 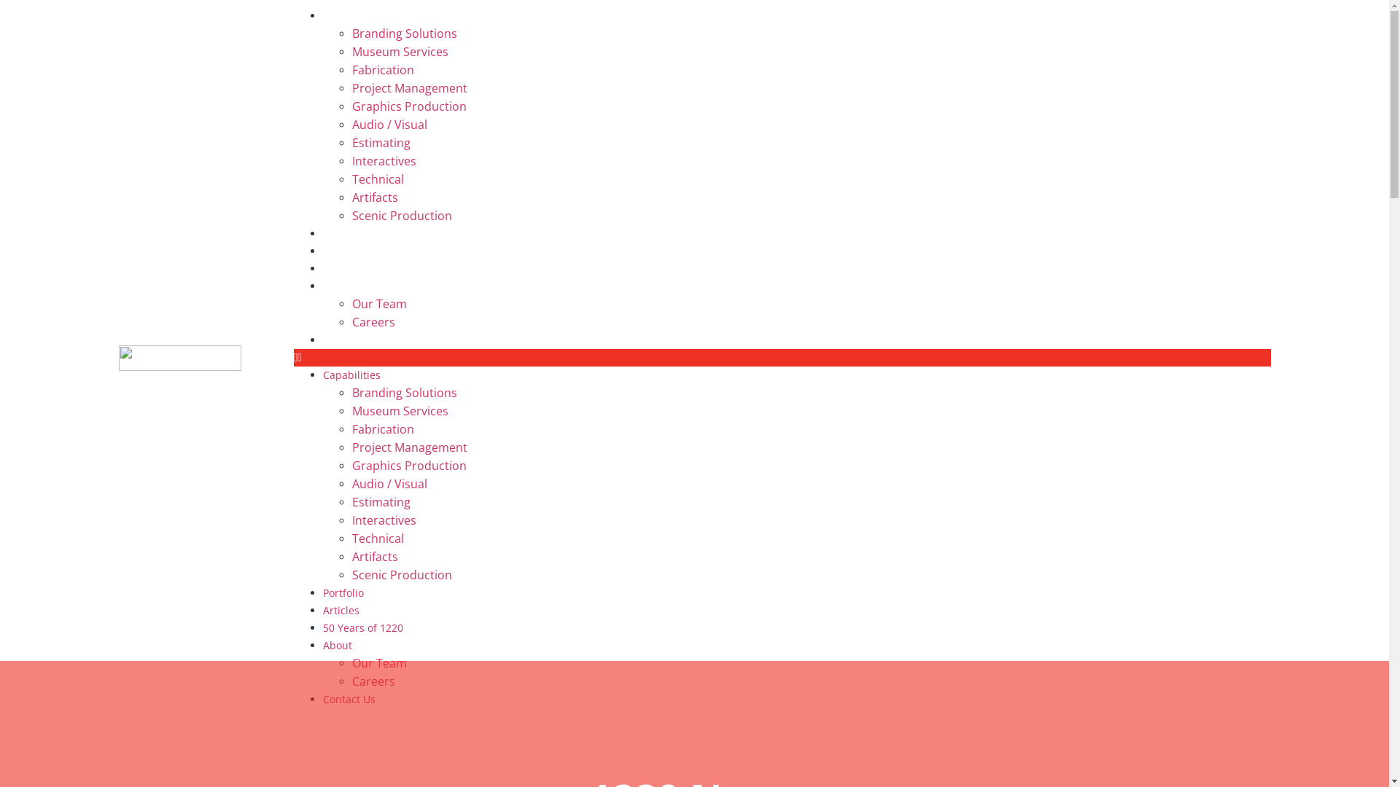 I want to click on '50 Years of 1220', so click(x=362, y=627).